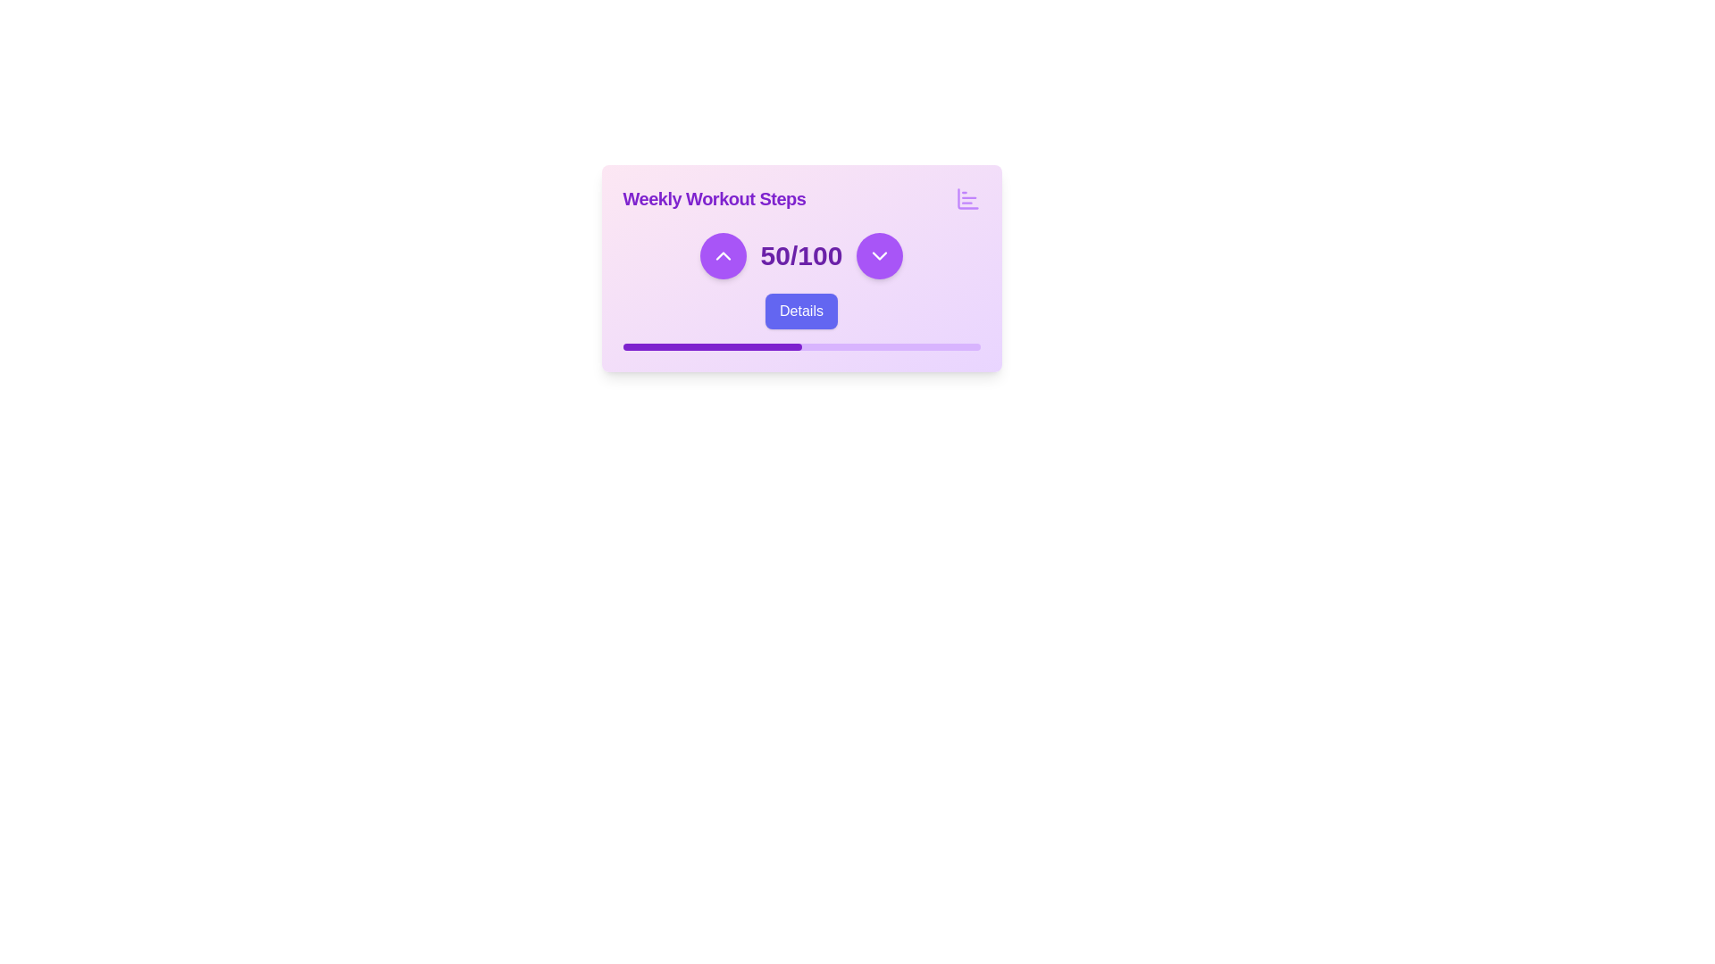 This screenshot has height=964, width=1715. I want to click on the chevron-down icon, which is part of a button styled with a purple circular background, located to the right of the counter labeled '50/100', so click(880, 255).